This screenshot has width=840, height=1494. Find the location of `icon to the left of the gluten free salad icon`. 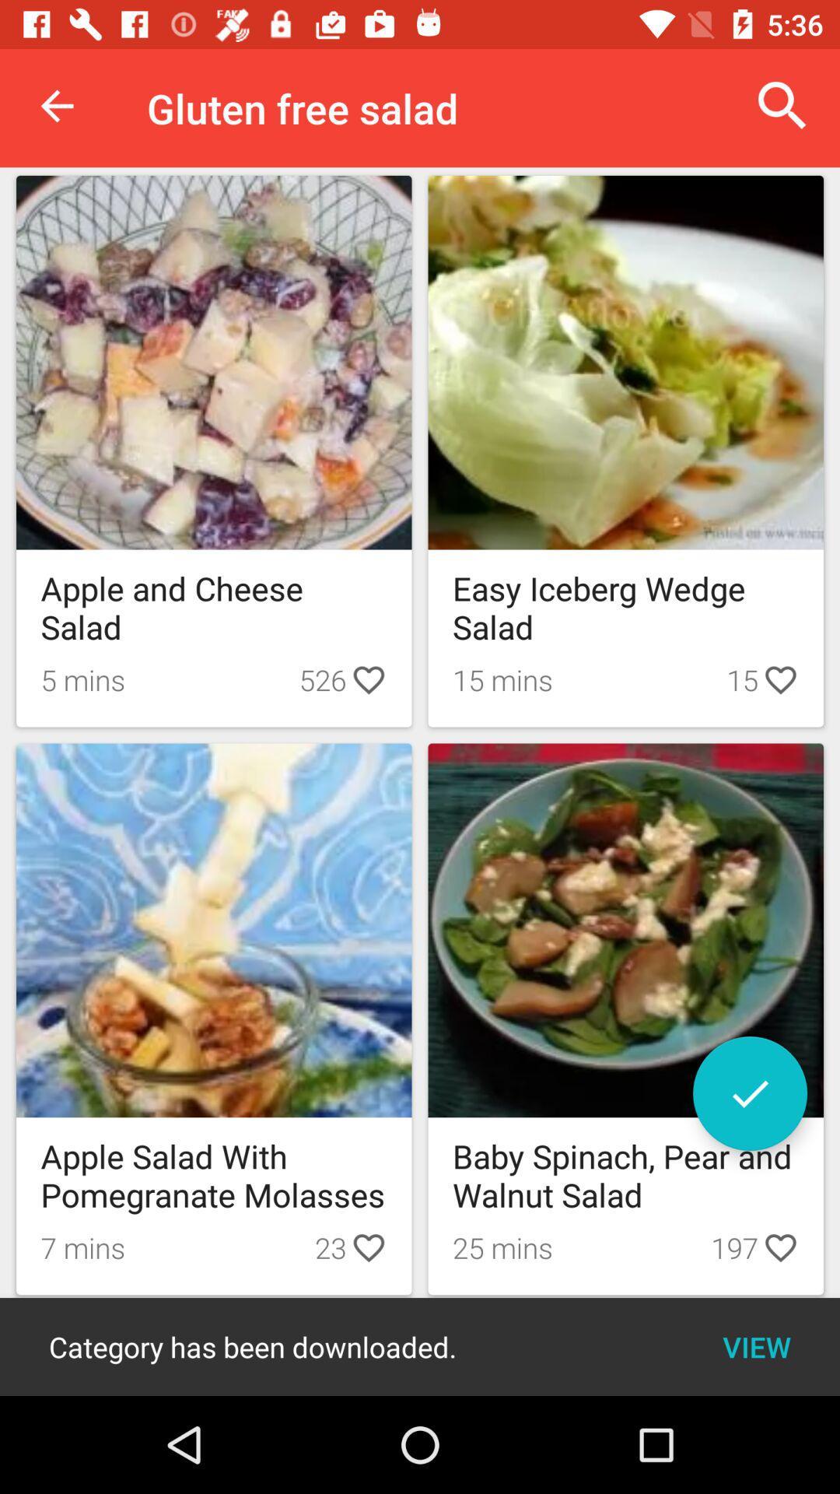

icon to the left of the gluten free salad icon is located at coordinates (56, 105).